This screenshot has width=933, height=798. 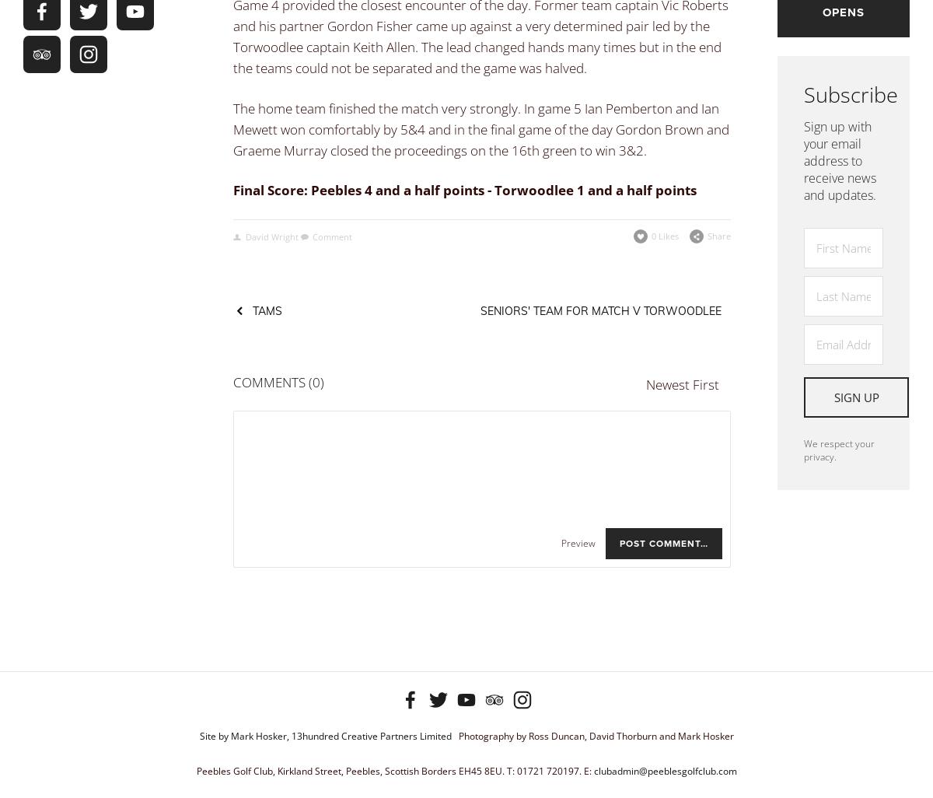 I want to click on 'Site by Mark Hosker, 13hundred Creative Partners Limited', so click(x=197, y=735).